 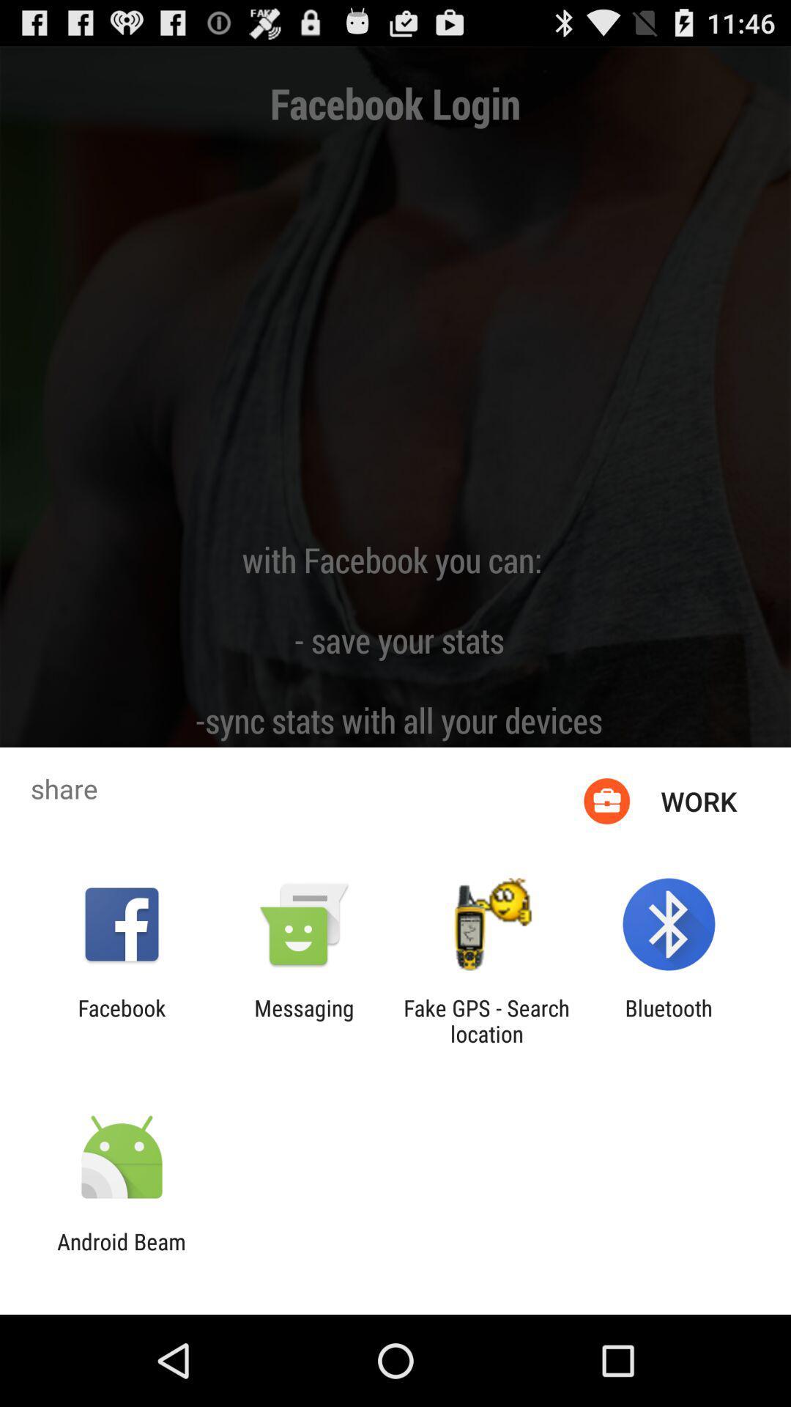 What do you see at coordinates (486, 1020) in the screenshot?
I see `the icon next to the messaging` at bounding box center [486, 1020].